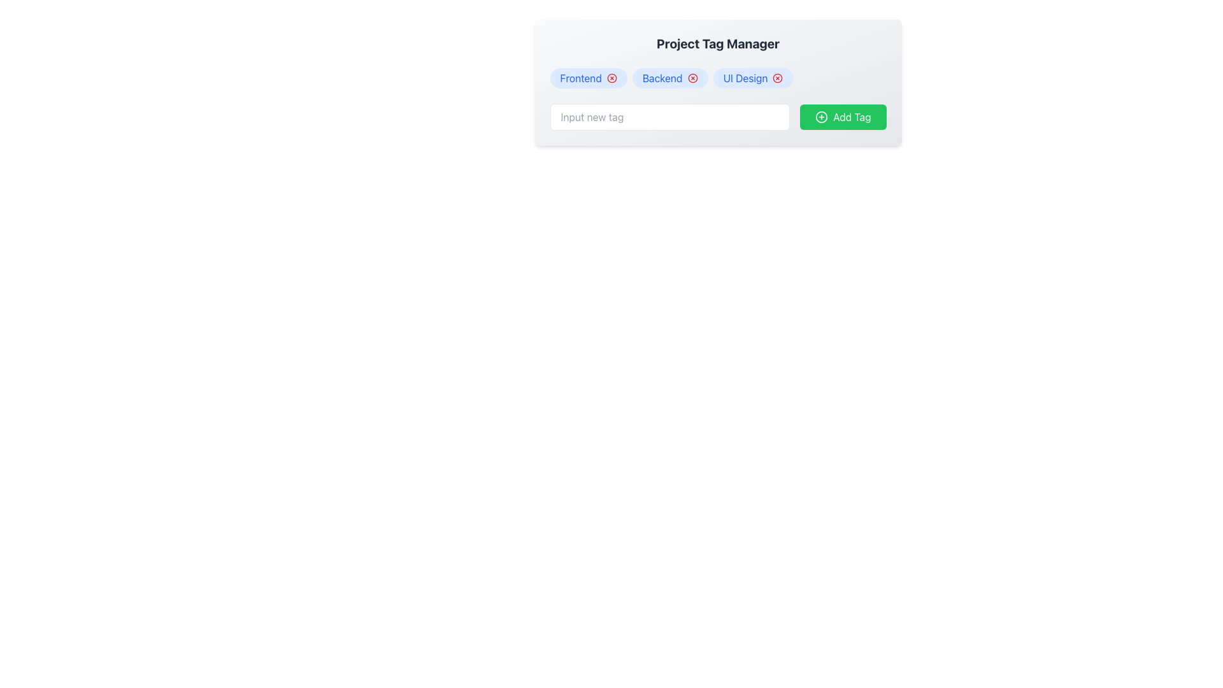 This screenshot has width=1223, height=688. I want to click on the small circular red 'X' button located within the 'UI Design' badge, positioned towards the right side of the badge text, so click(777, 78).